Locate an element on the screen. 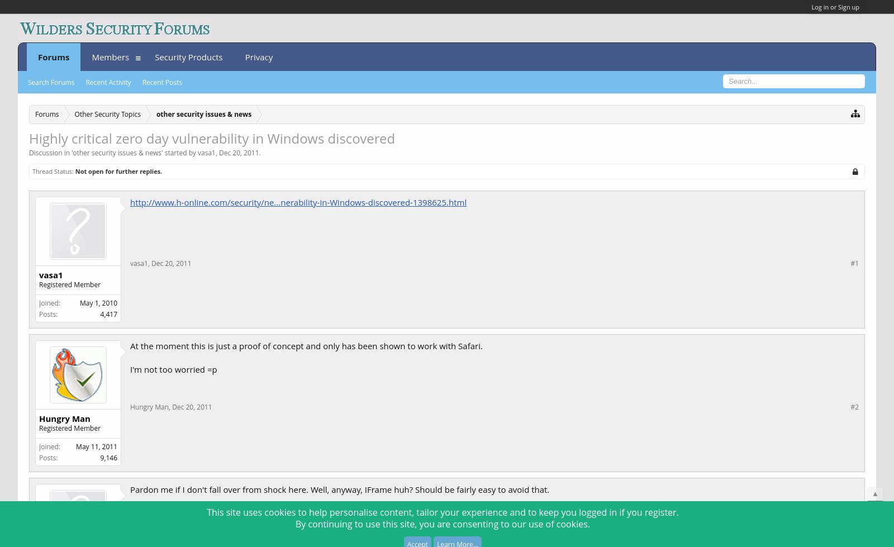 Image resolution: width=894 pixels, height=547 pixels. '4,417' is located at coordinates (108, 313).